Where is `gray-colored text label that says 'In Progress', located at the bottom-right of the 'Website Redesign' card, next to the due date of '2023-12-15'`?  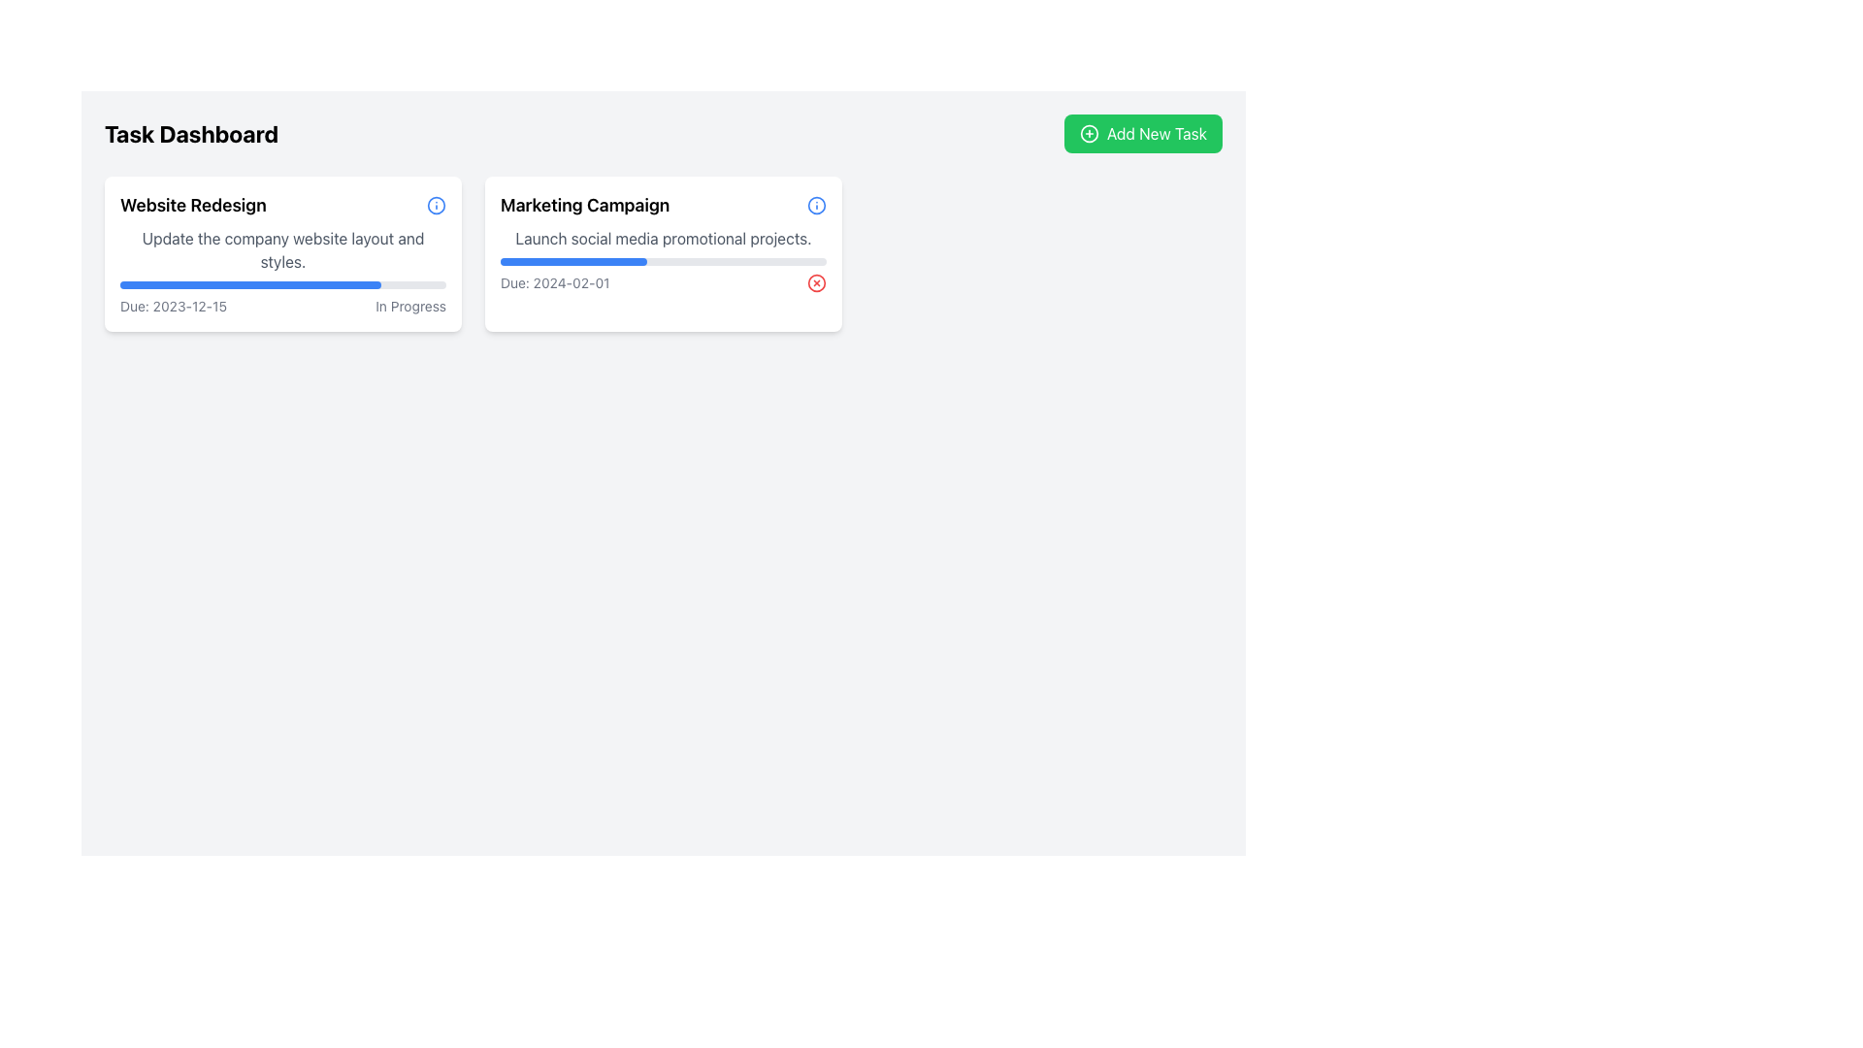 gray-colored text label that says 'In Progress', located at the bottom-right of the 'Website Redesign' card, next to the due date of '2023-12-15' is located at coordinates (409, 306).